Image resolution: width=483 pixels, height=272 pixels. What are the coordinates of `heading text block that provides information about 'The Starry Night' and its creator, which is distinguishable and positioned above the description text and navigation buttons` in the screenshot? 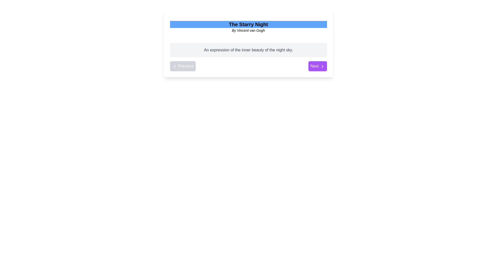 It's located at (248, 27).